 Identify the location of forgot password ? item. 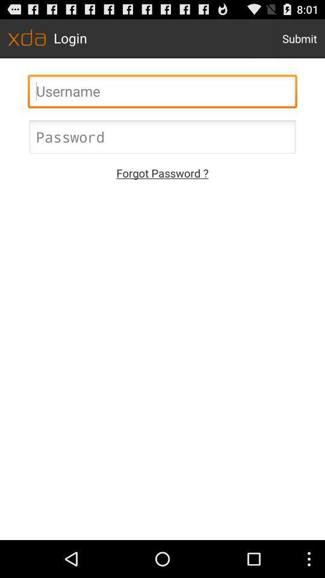
(162, 172).